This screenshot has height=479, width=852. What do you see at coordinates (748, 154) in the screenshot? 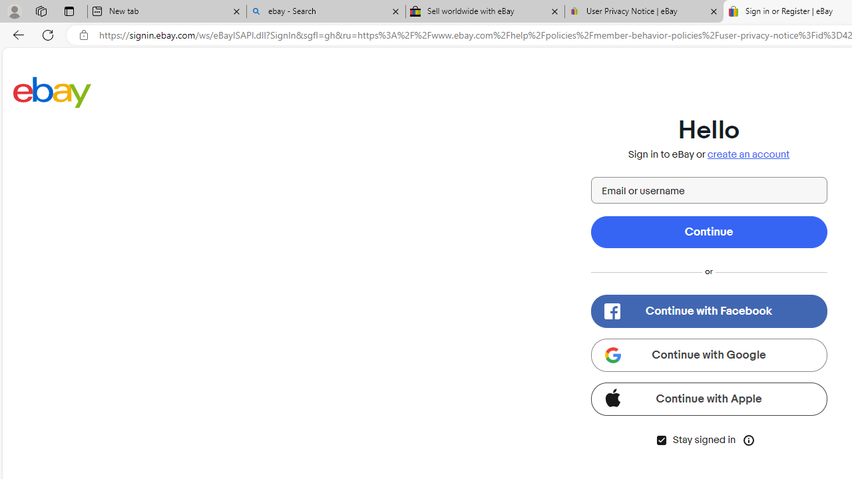
I see `'create an account'` at bounding box center [748, 154].